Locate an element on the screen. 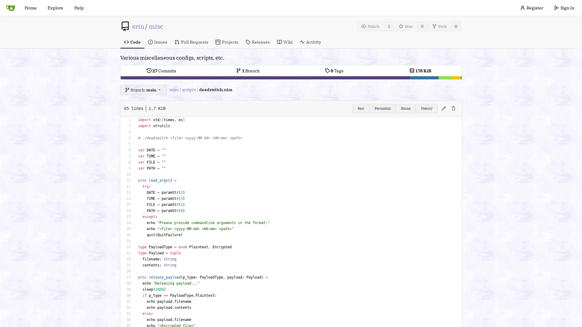 The height and width of the screenshot is (327, 582). Watch is located at coordinates (370, 26).